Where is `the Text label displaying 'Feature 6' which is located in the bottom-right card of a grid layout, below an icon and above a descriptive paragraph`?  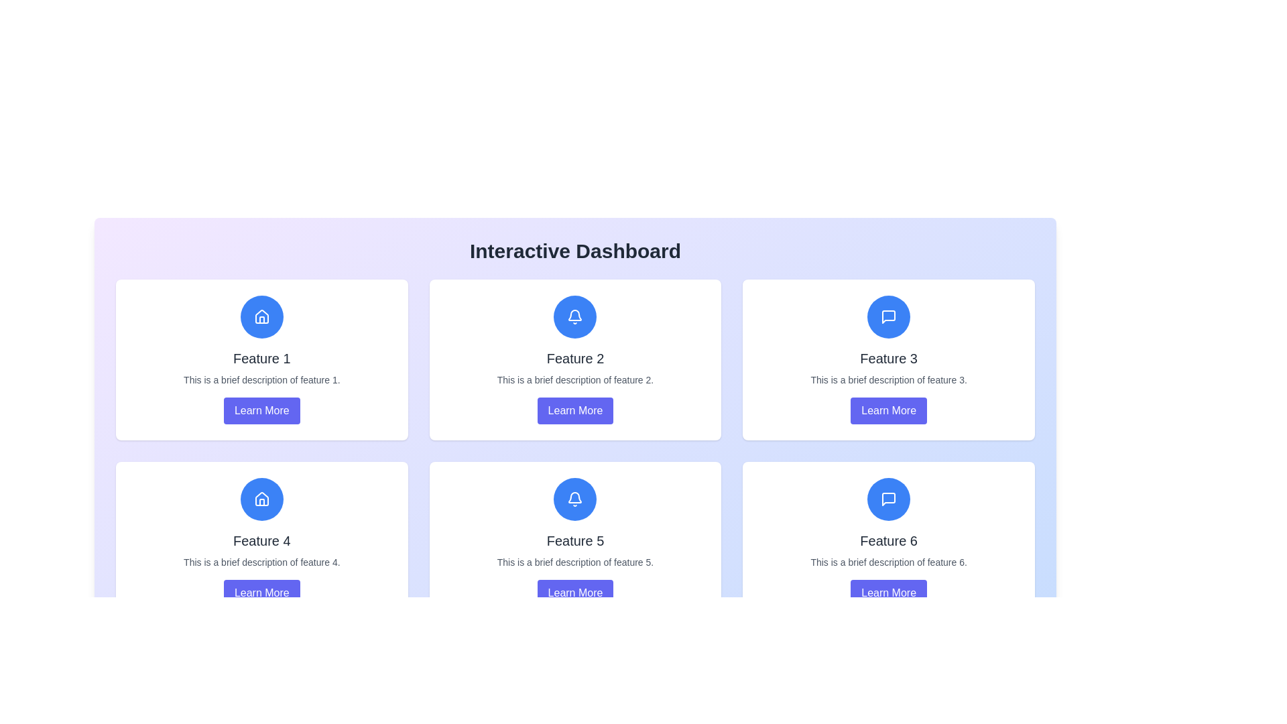 the Text label displaying 'Feature 6' which is located in the bottom-right card of a grid layout, below an icon and above a descriptive paragraph is located at coordinates (889, 540).